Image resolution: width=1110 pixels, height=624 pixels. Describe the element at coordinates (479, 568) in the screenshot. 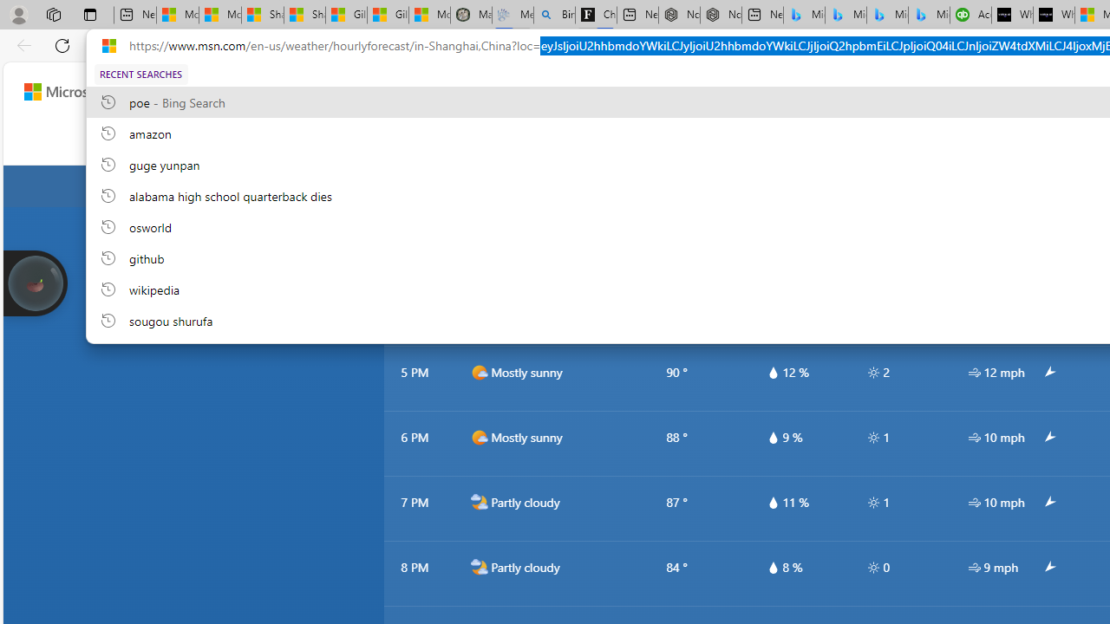

I see `'n2000'` at that location.